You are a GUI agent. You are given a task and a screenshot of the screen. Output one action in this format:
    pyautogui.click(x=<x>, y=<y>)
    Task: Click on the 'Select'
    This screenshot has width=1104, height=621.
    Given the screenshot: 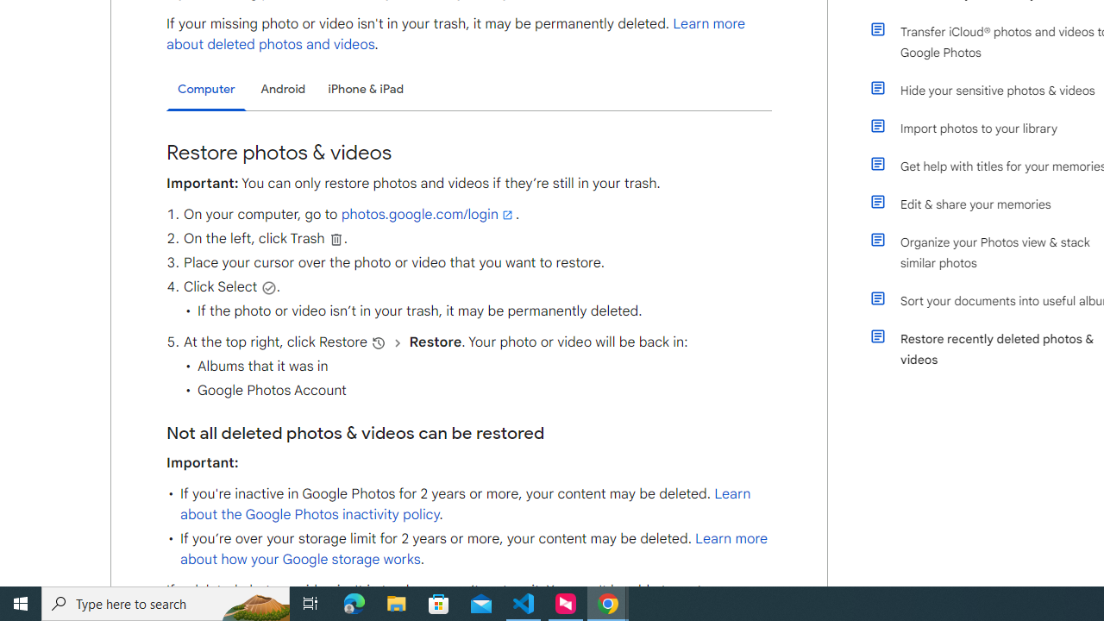 What is the action you would take?
    pyautogui.click(x=267, y=286)
    